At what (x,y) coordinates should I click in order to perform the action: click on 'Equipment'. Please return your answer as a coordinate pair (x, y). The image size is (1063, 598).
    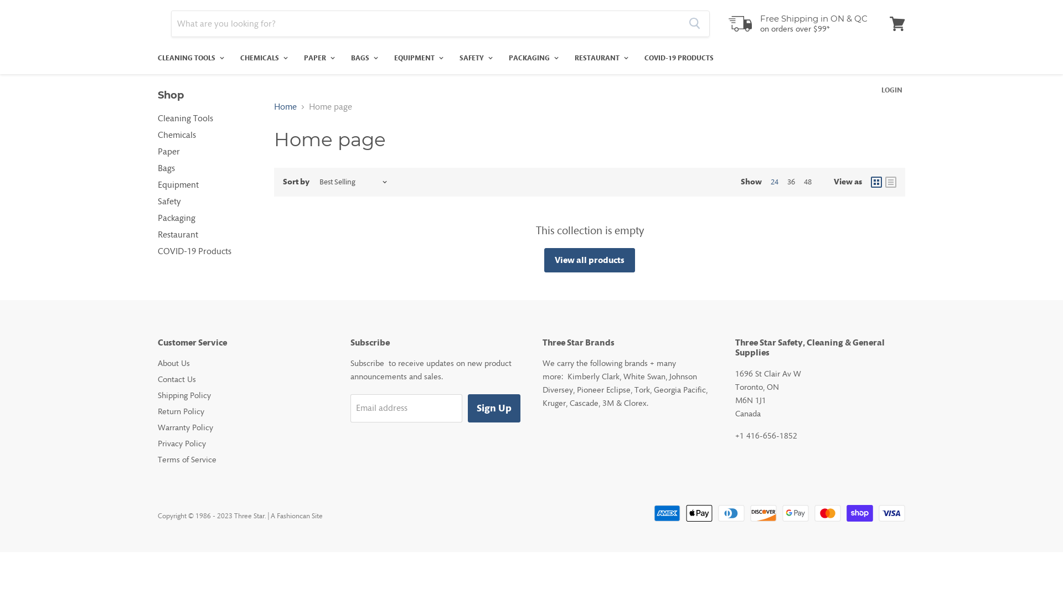
    Looking at the image, I should click on (178, 184).